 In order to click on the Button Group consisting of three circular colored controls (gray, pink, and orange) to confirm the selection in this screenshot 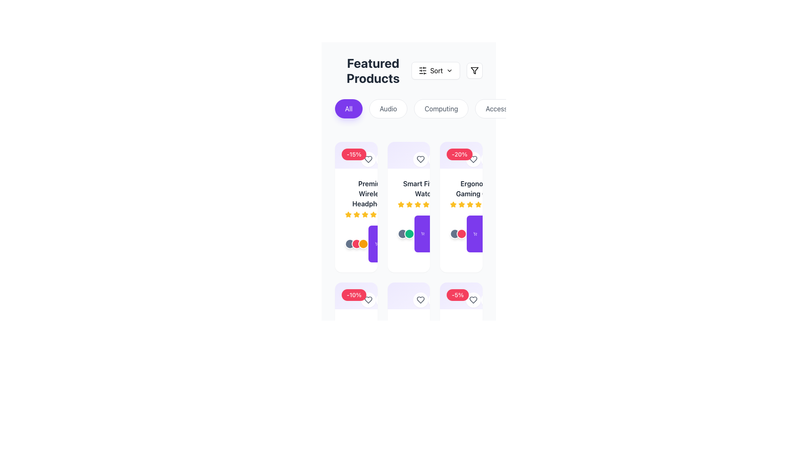, I will do `click(357, 244)`.